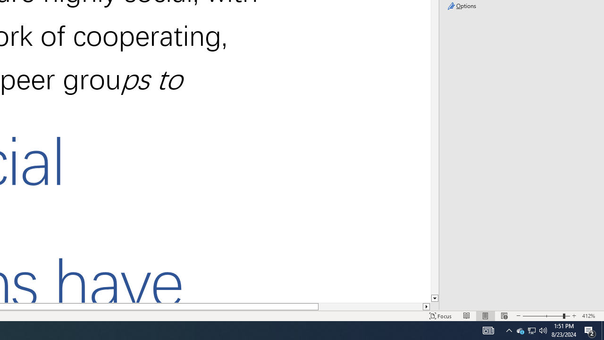 This screenshot has width=604, height=340. Describe the element at coordinates (504, 316) in the screenshot. I see `'Web Layout'` at that location.